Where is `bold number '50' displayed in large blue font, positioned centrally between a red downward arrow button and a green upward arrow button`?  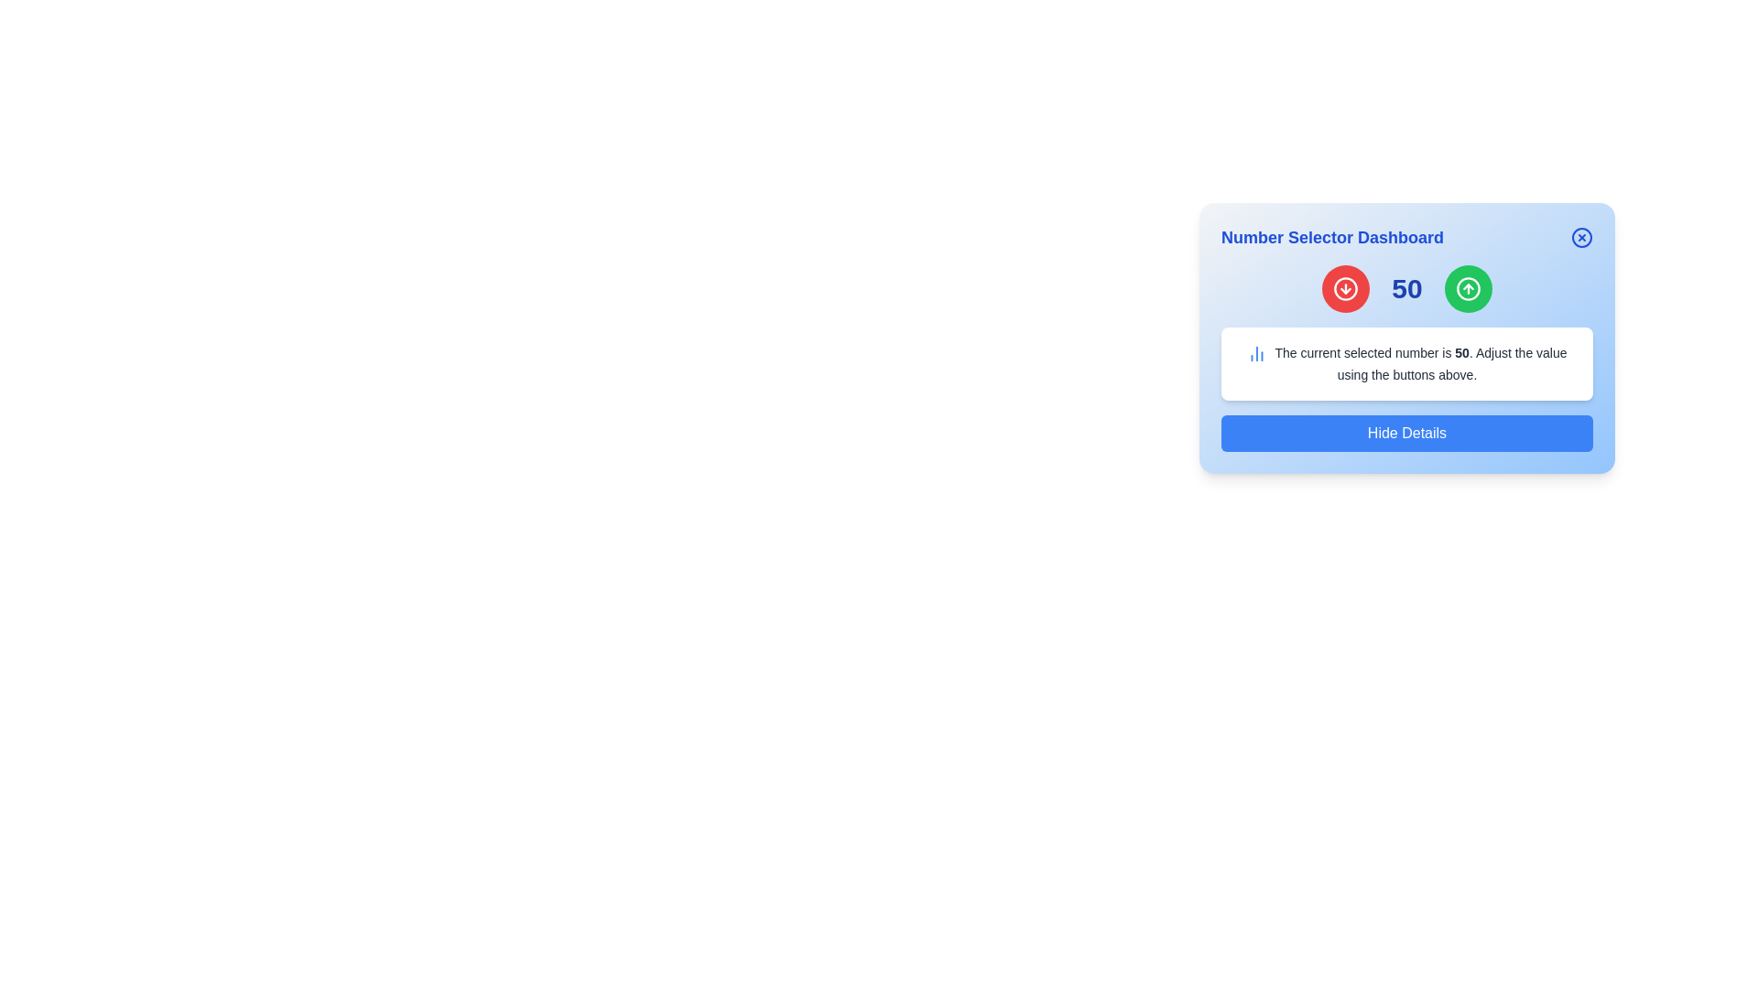
bold number '50' displayed in large blue font, positioned centrally between a red downward arrow button and a green upward arrow button is located at coordinates (1405, 288).